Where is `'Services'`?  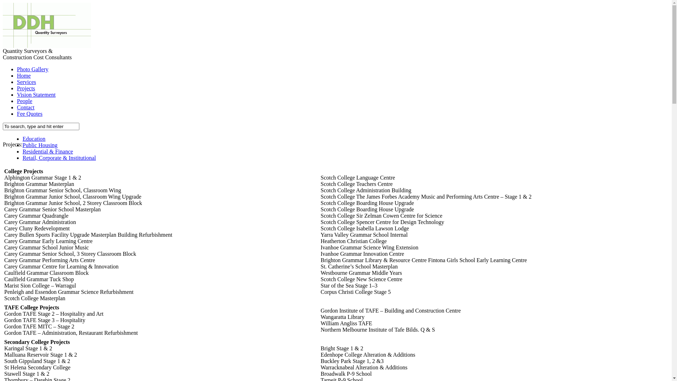 'Services' is located at coordinates (26, 81).